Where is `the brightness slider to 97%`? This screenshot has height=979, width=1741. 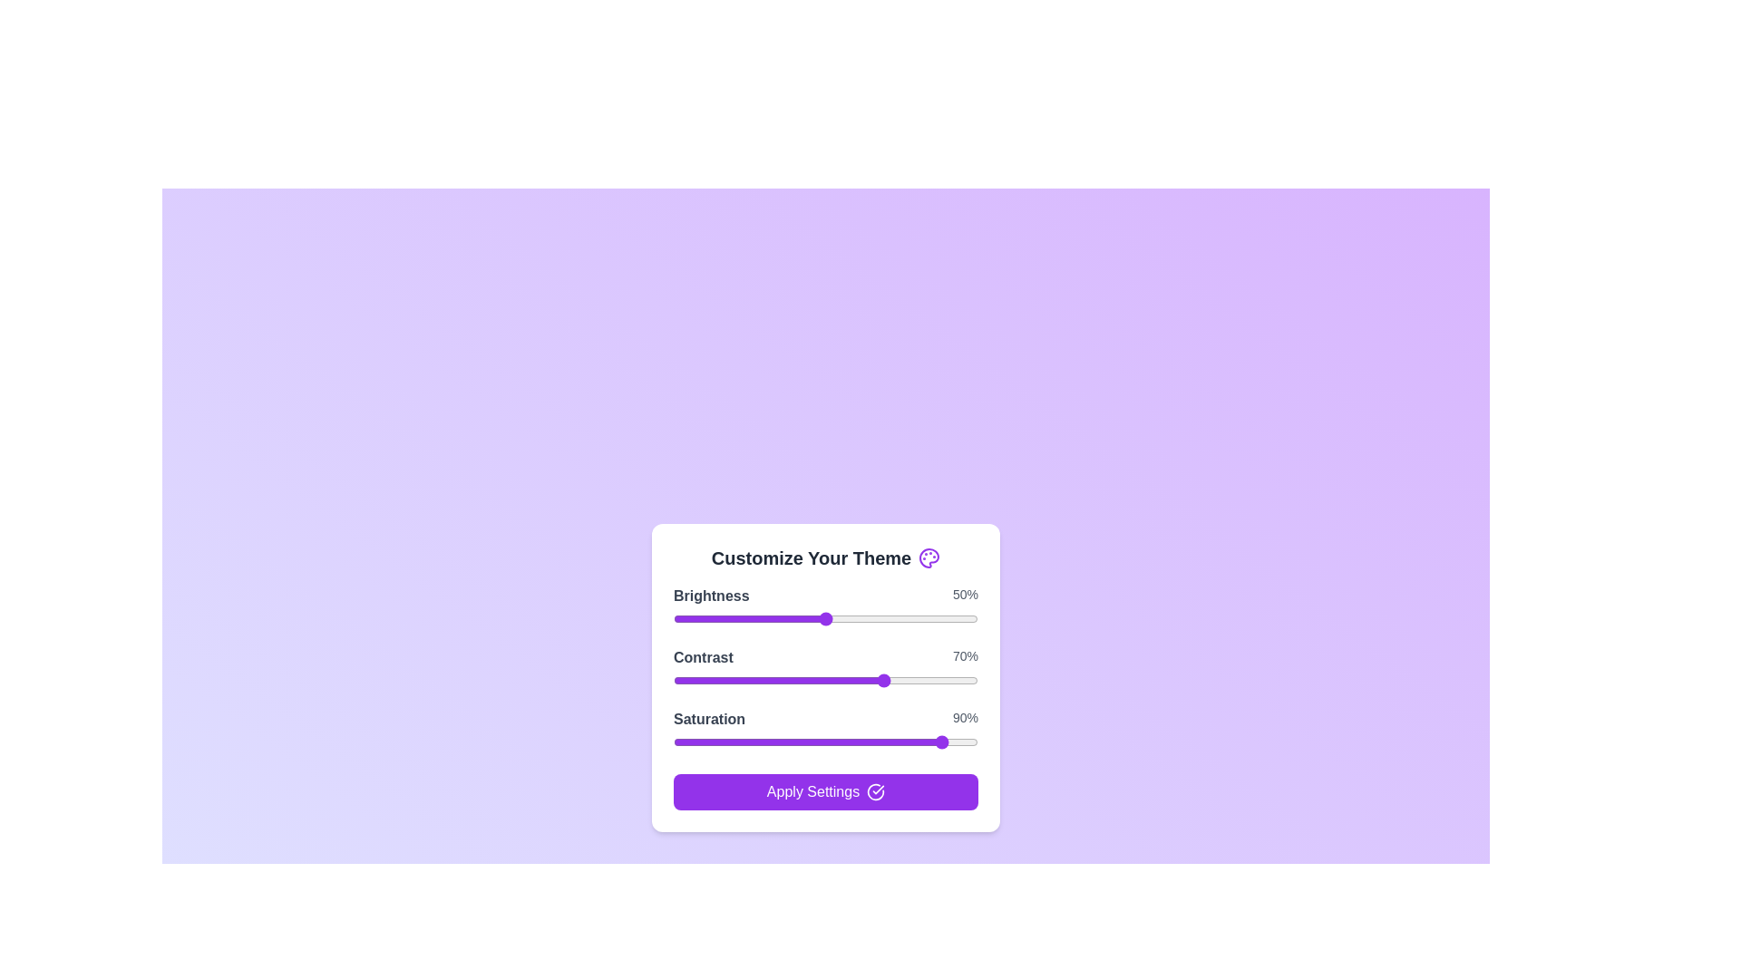 the brightness slider to 97% is located at coordinates (968, 617).